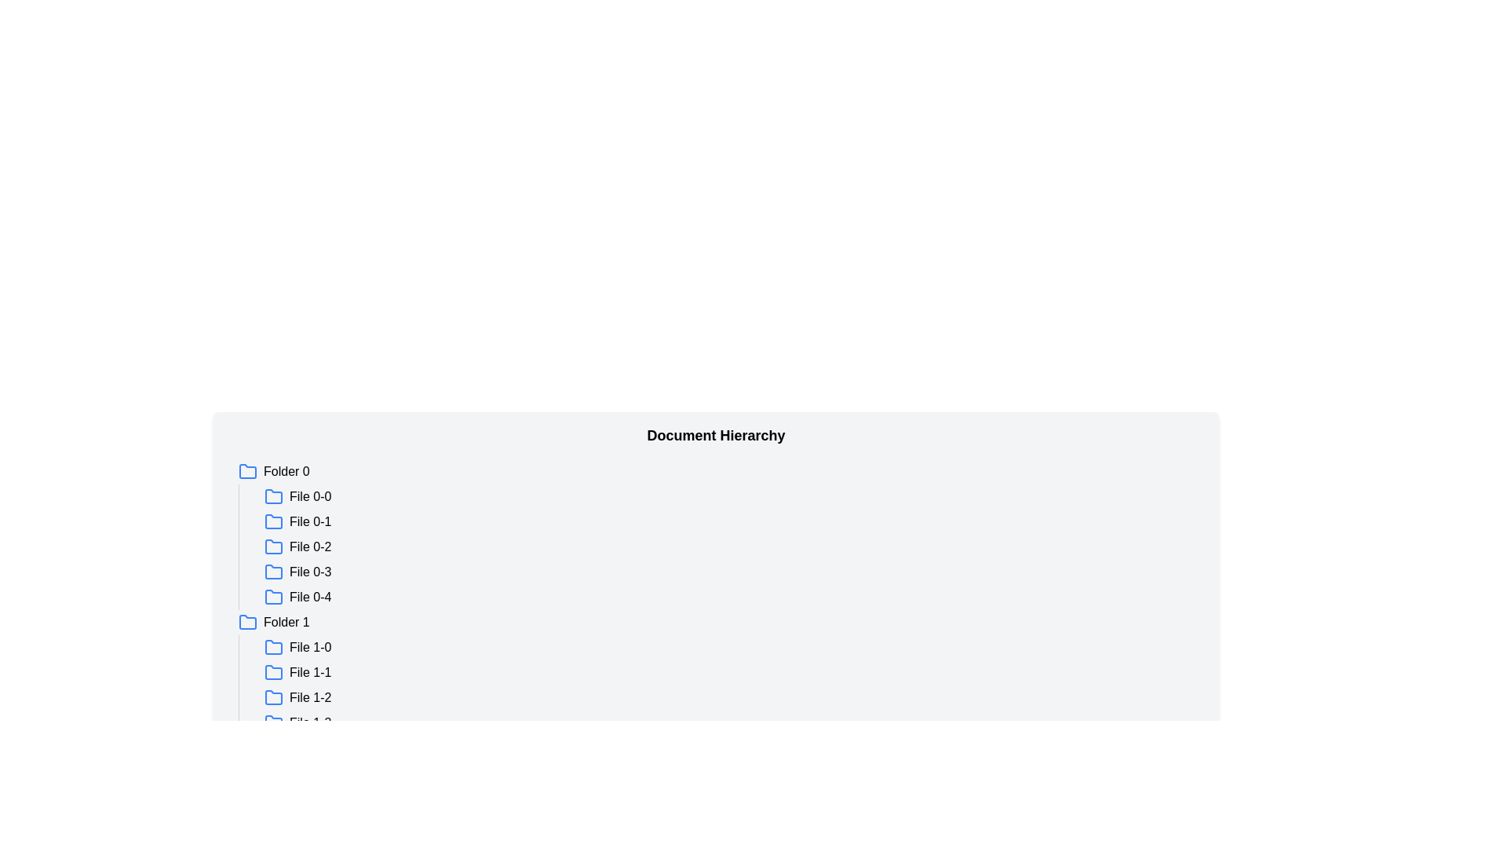 This screenshot has width=1507, height=848. What do you see at coordinates (274, 545) in the screenshot?
I see `the folder icon with a blue outline and white interior, located to the left of the label 'File 0-2' under 'Folder 0'` at bounding box center [274, 545].